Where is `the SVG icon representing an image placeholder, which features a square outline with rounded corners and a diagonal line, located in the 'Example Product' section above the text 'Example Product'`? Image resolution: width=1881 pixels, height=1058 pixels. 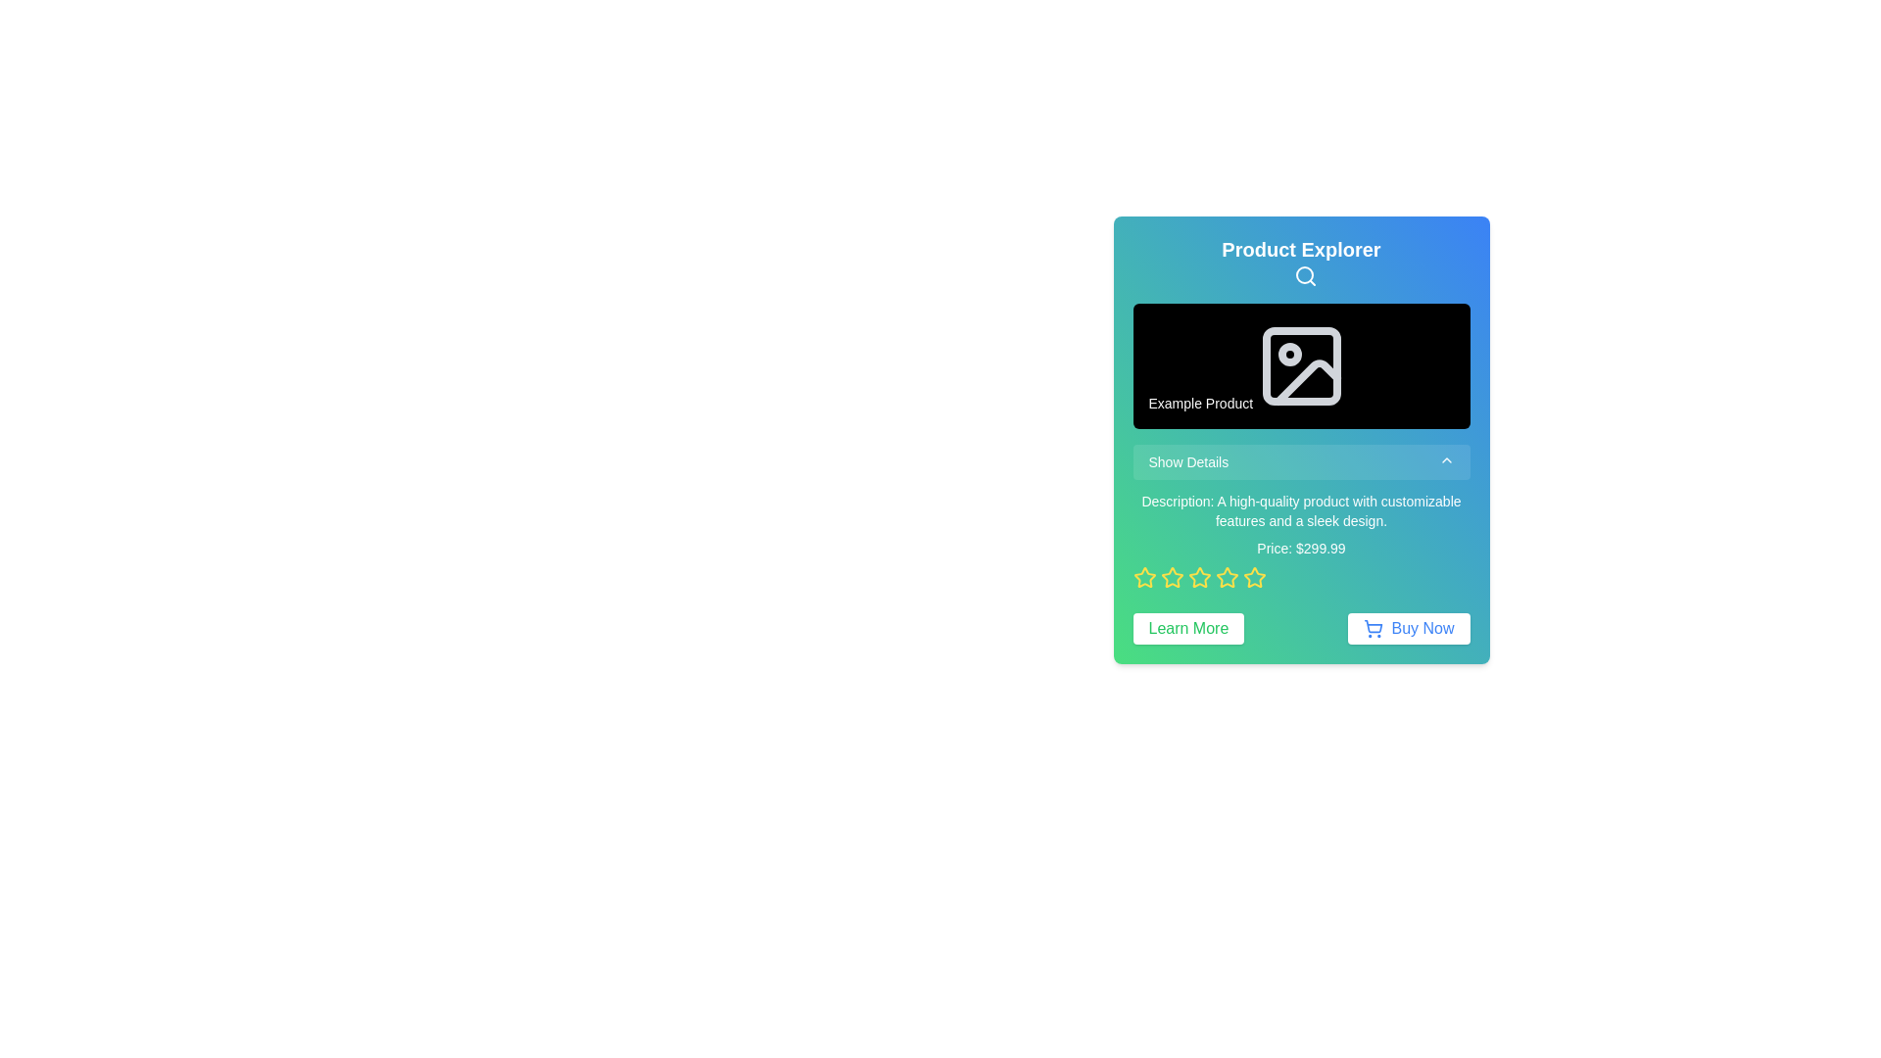
the SVG icon representing an image placeholder, which features a square outline with rounded corners and a diagonal line, located in the 'Example Product' section above the text 'Example Product' is located at coordinates (1301, 365).